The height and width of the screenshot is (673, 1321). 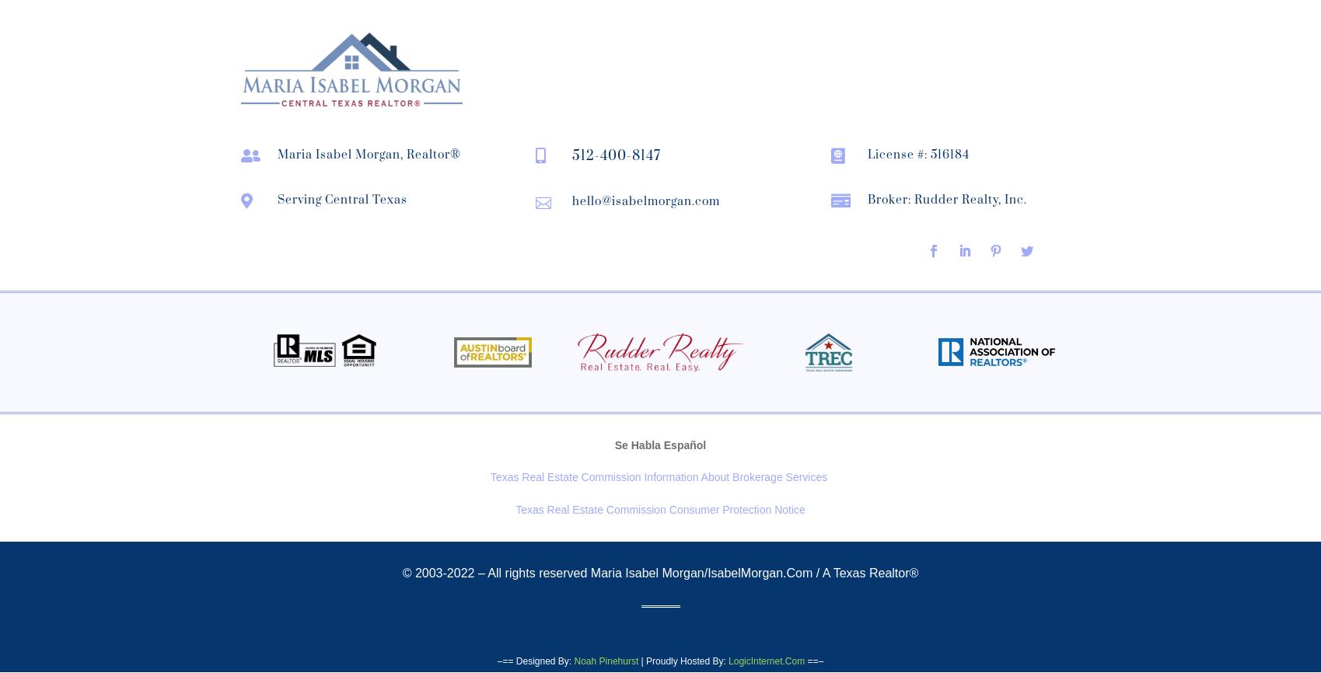 I want to click on 'hello@isabelmorgan.com', so click(x=645, y=201).